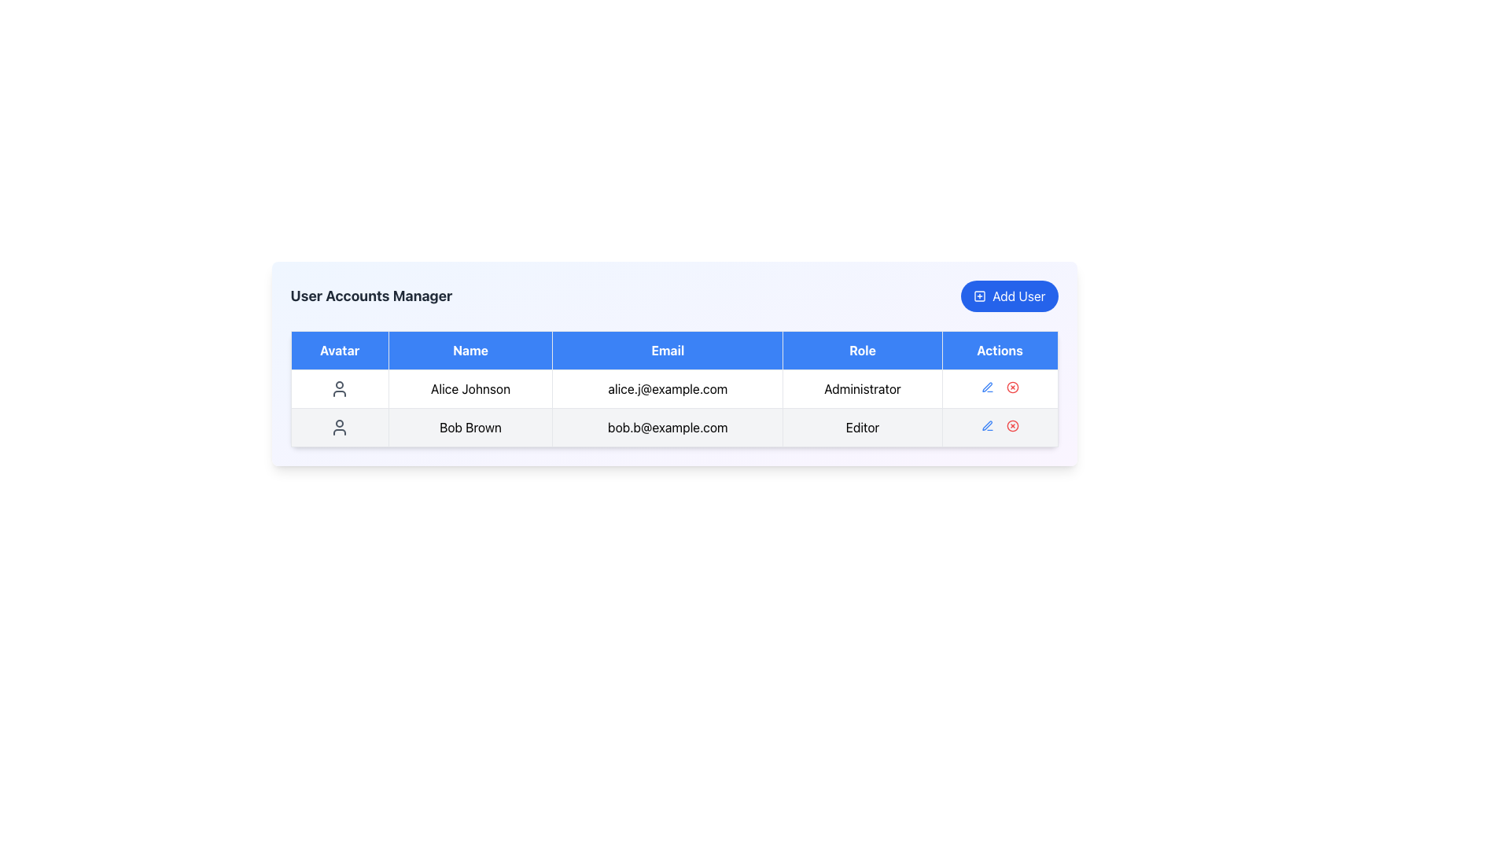 The width and height of the screenshot is (1510, 849). Describe the element at coordinates (339, 388) in the screenshot. I see `the graphical icon representing the user in the first row of the User Accounts Manager interface, located in the Avatar column next to the Name 'Alice Johnson'` at that location.